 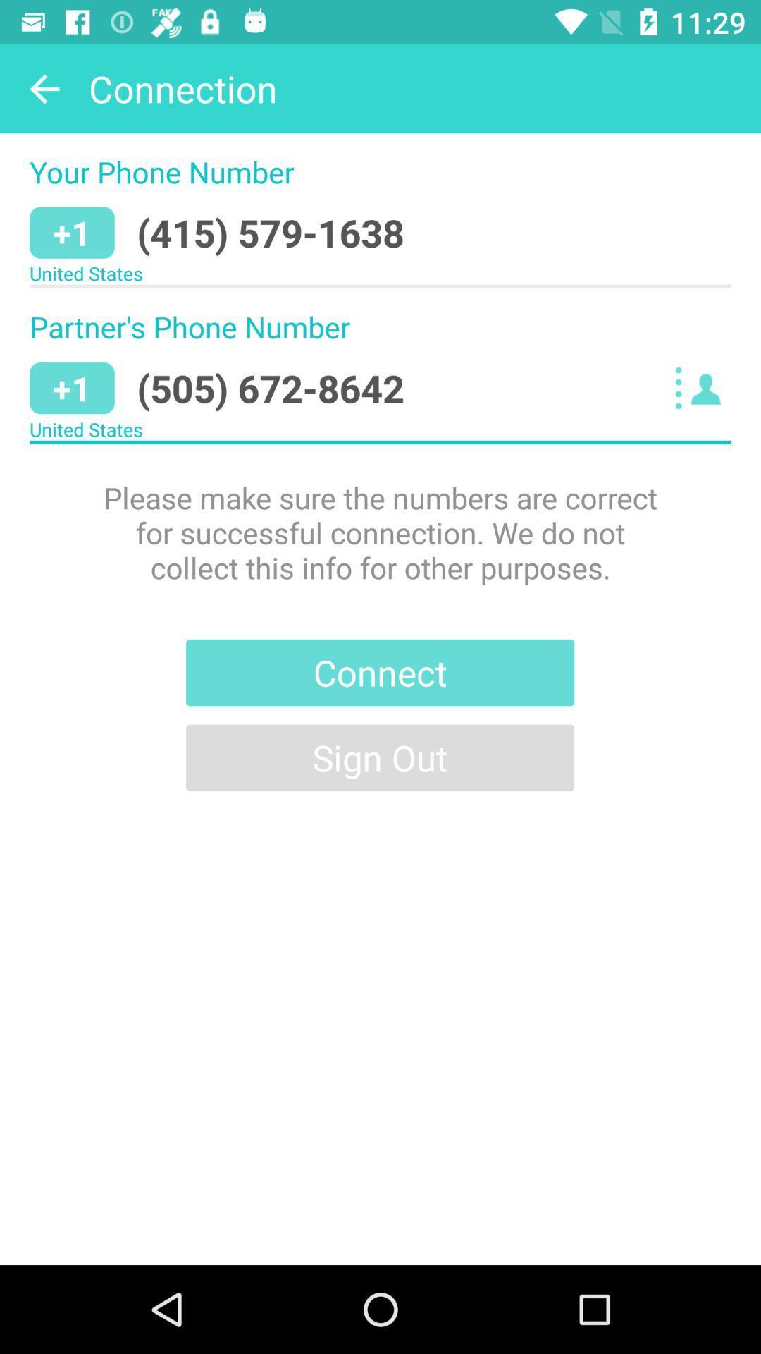 What do you see at coordinates (379, 757) in the screenshot?
I see `the sign out` at bounding box center [379, 757].